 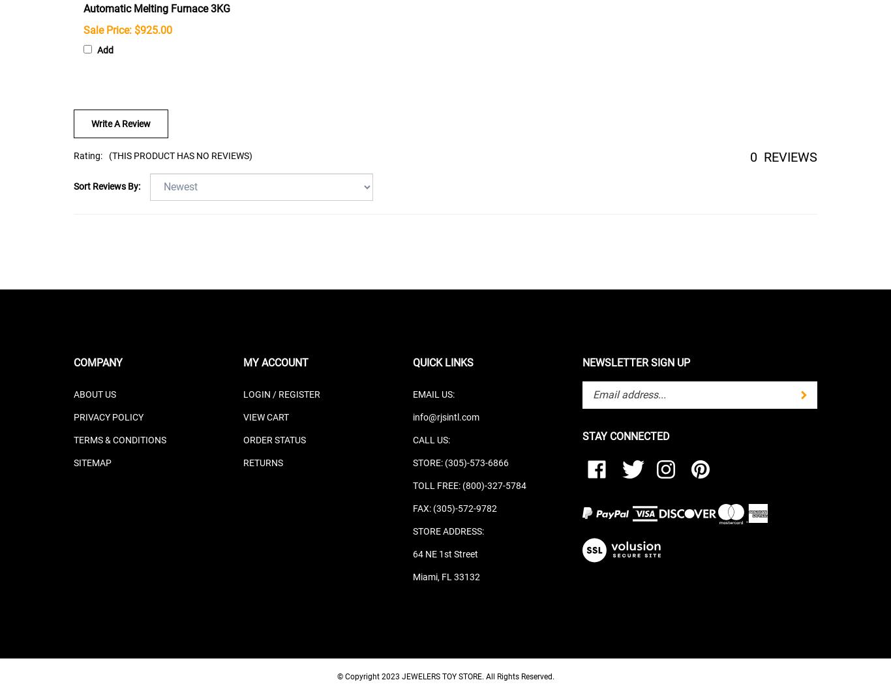 I want to click on '0', so click(x=753, y=156).